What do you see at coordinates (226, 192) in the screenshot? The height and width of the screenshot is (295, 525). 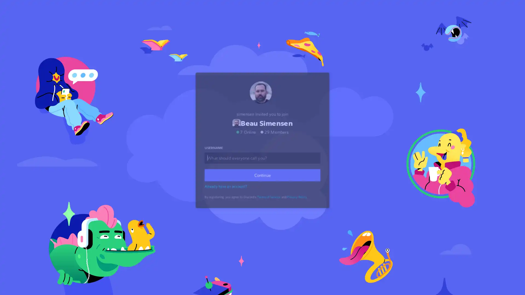 I see `Already have an account?` at bounding box center [226, 192].